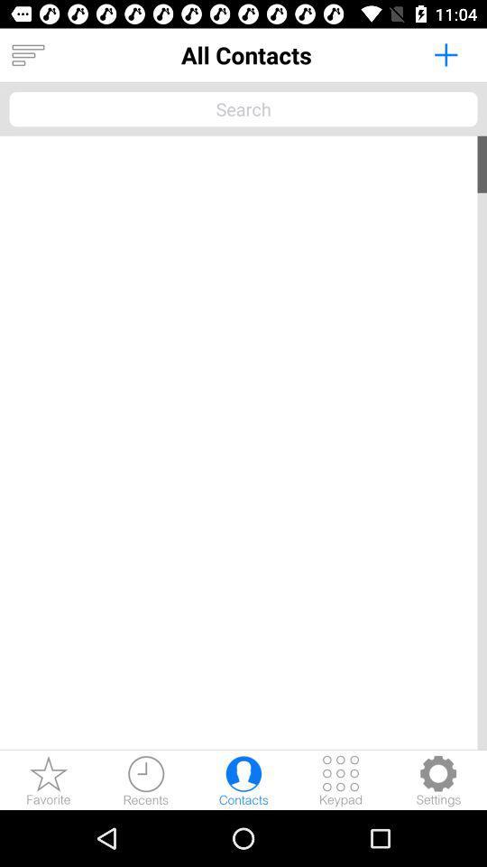 This screenshot has width=487, height=867. Describe the element at coordinates (27, 55) in the screenshot. I see `menu options` at that location.